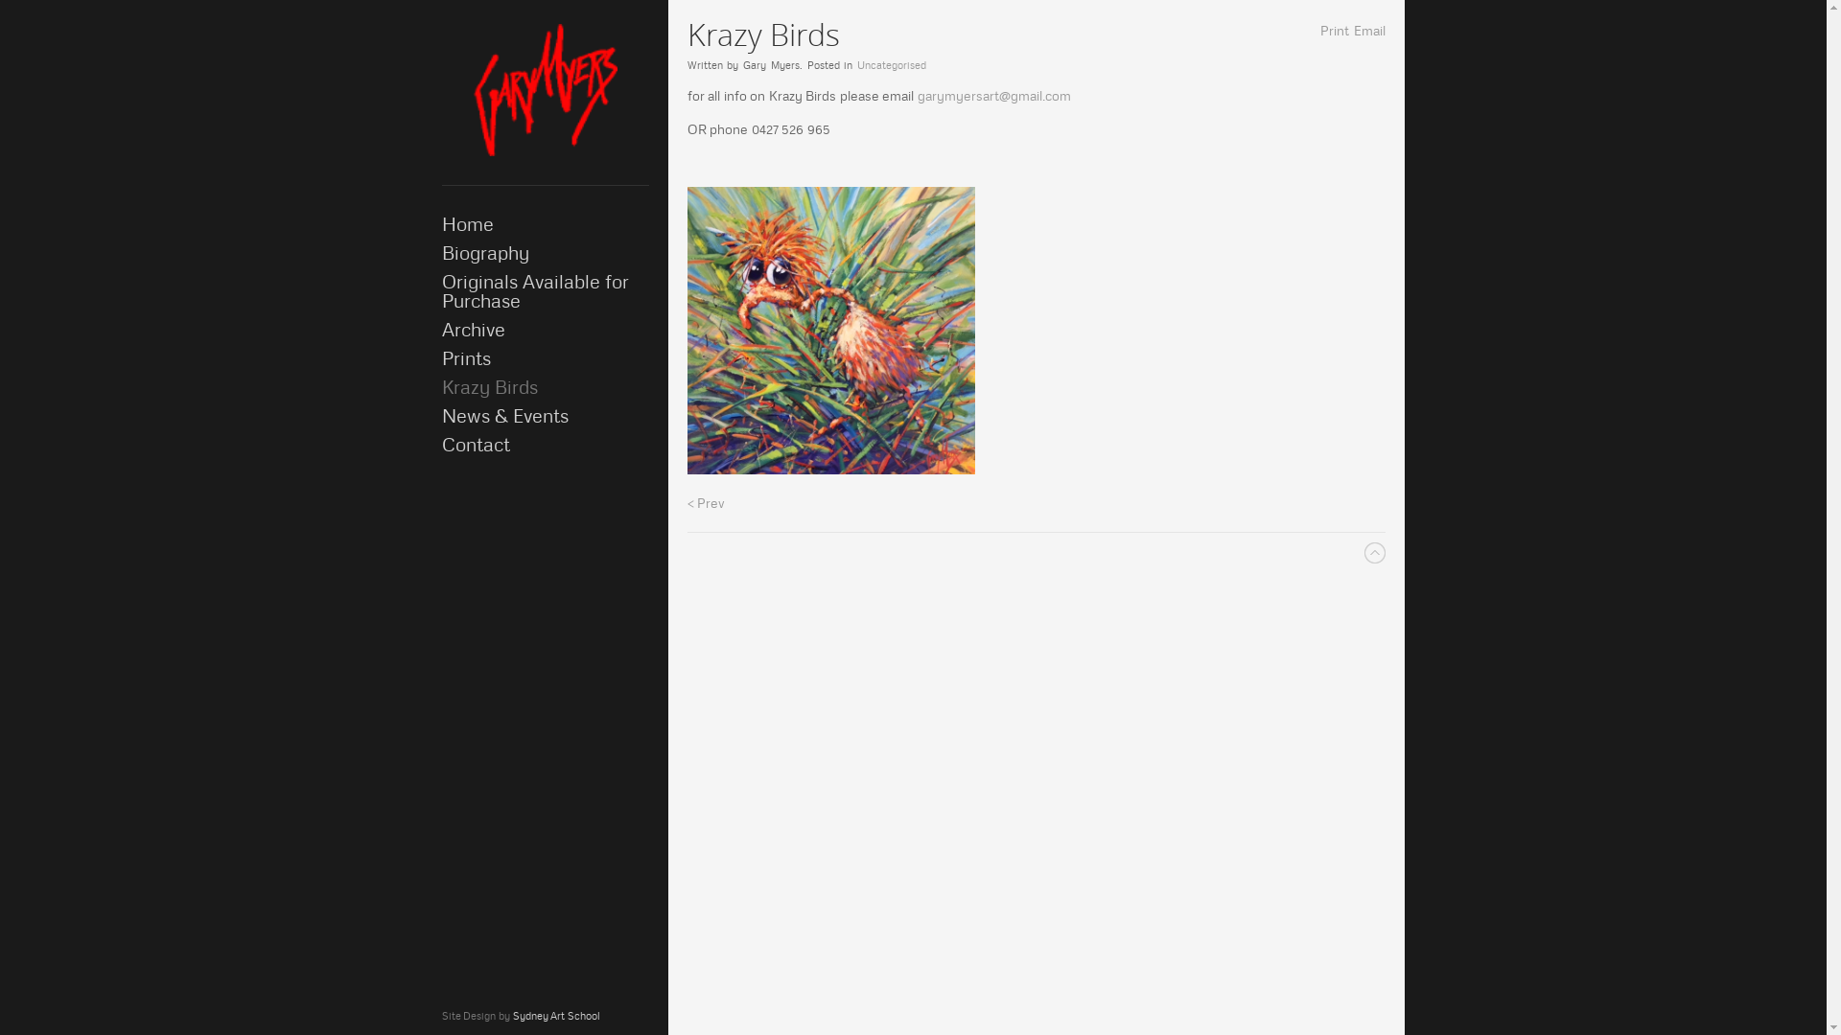  I want to click on 'Uncategorised', so click(891, 64).